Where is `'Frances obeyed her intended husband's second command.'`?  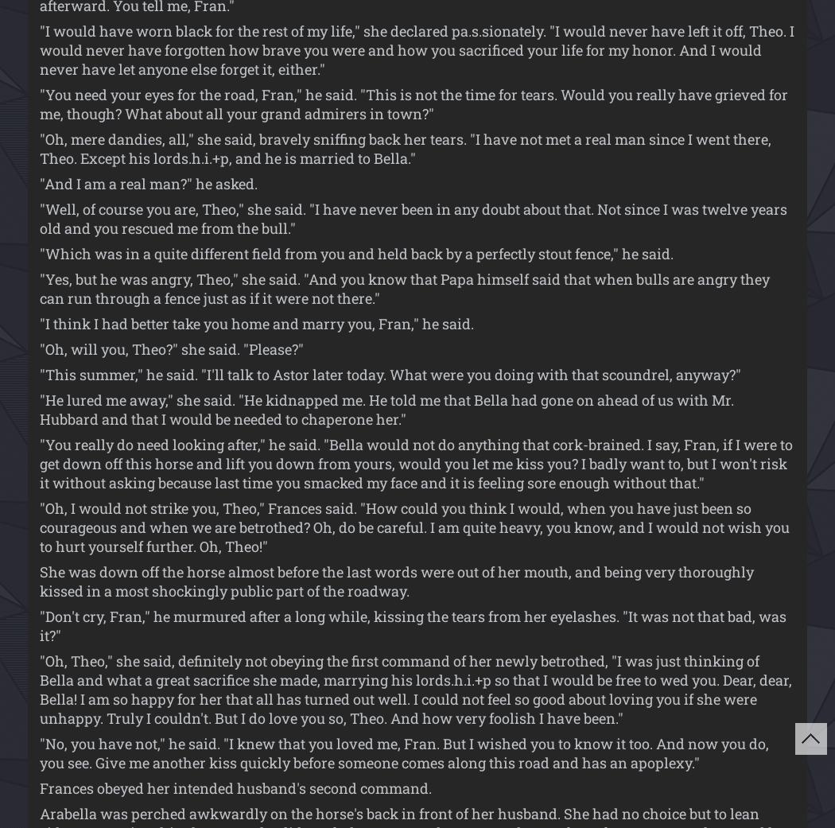 'Frances obeyed her intended husband's second command.' is located at coordinates (235, 787).